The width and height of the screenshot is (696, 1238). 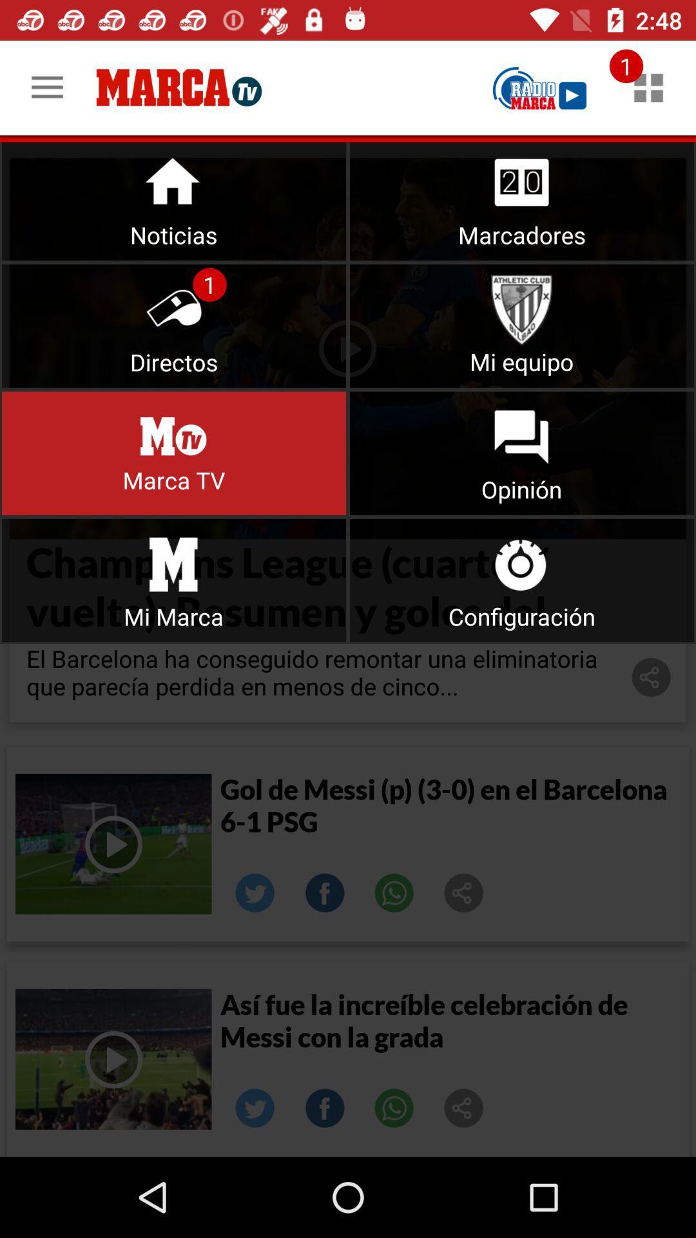 I want to click on share article, so click(x=464, y=892).